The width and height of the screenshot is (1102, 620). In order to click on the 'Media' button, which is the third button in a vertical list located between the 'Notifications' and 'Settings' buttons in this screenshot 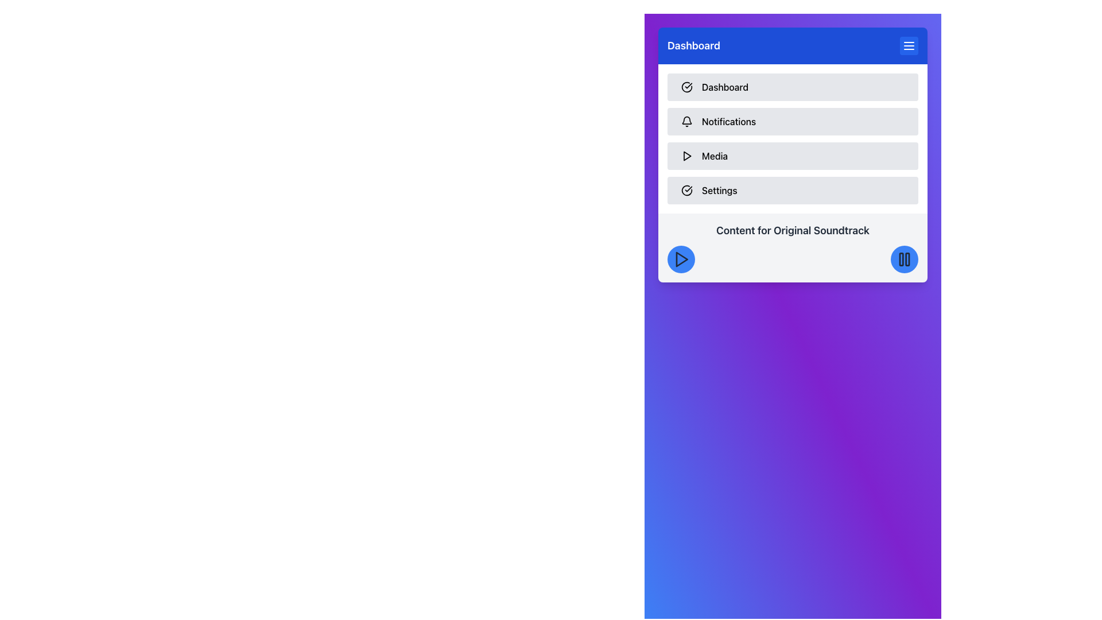, I will do `click(792, 156)`.